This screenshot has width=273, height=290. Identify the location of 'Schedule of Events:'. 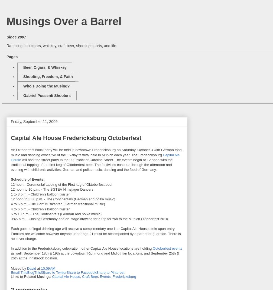
(11, 179).